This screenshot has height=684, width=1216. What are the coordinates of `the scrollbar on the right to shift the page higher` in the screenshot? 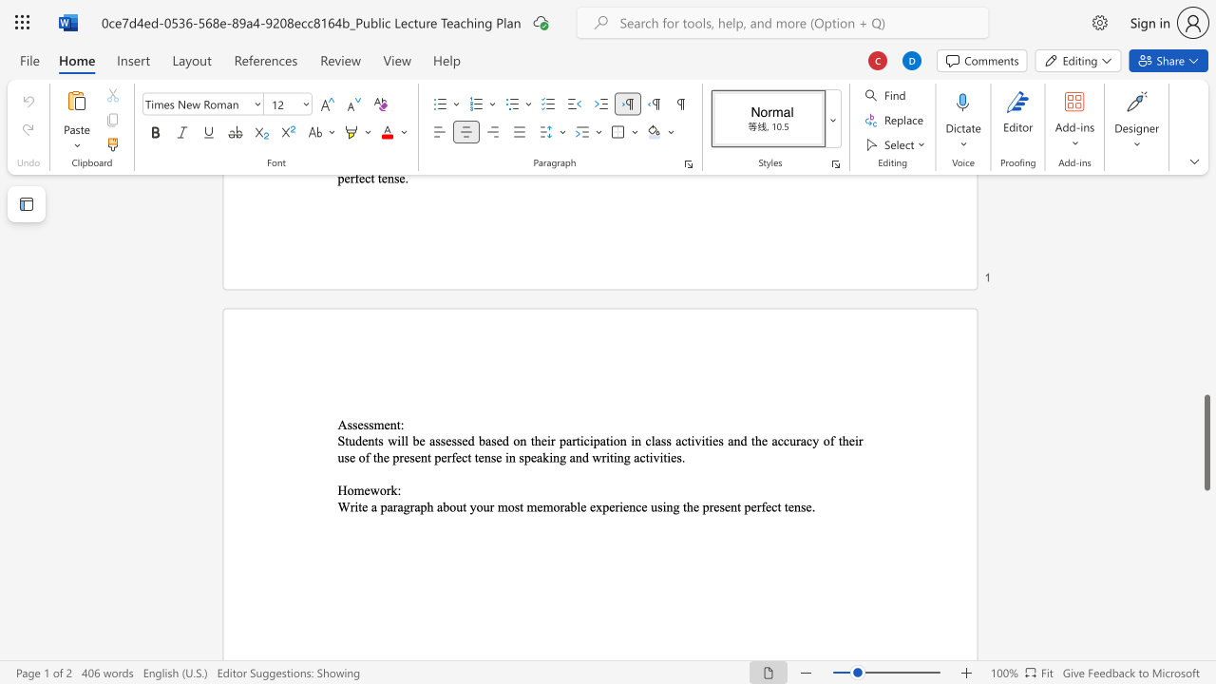 It's located at (1206, 236).